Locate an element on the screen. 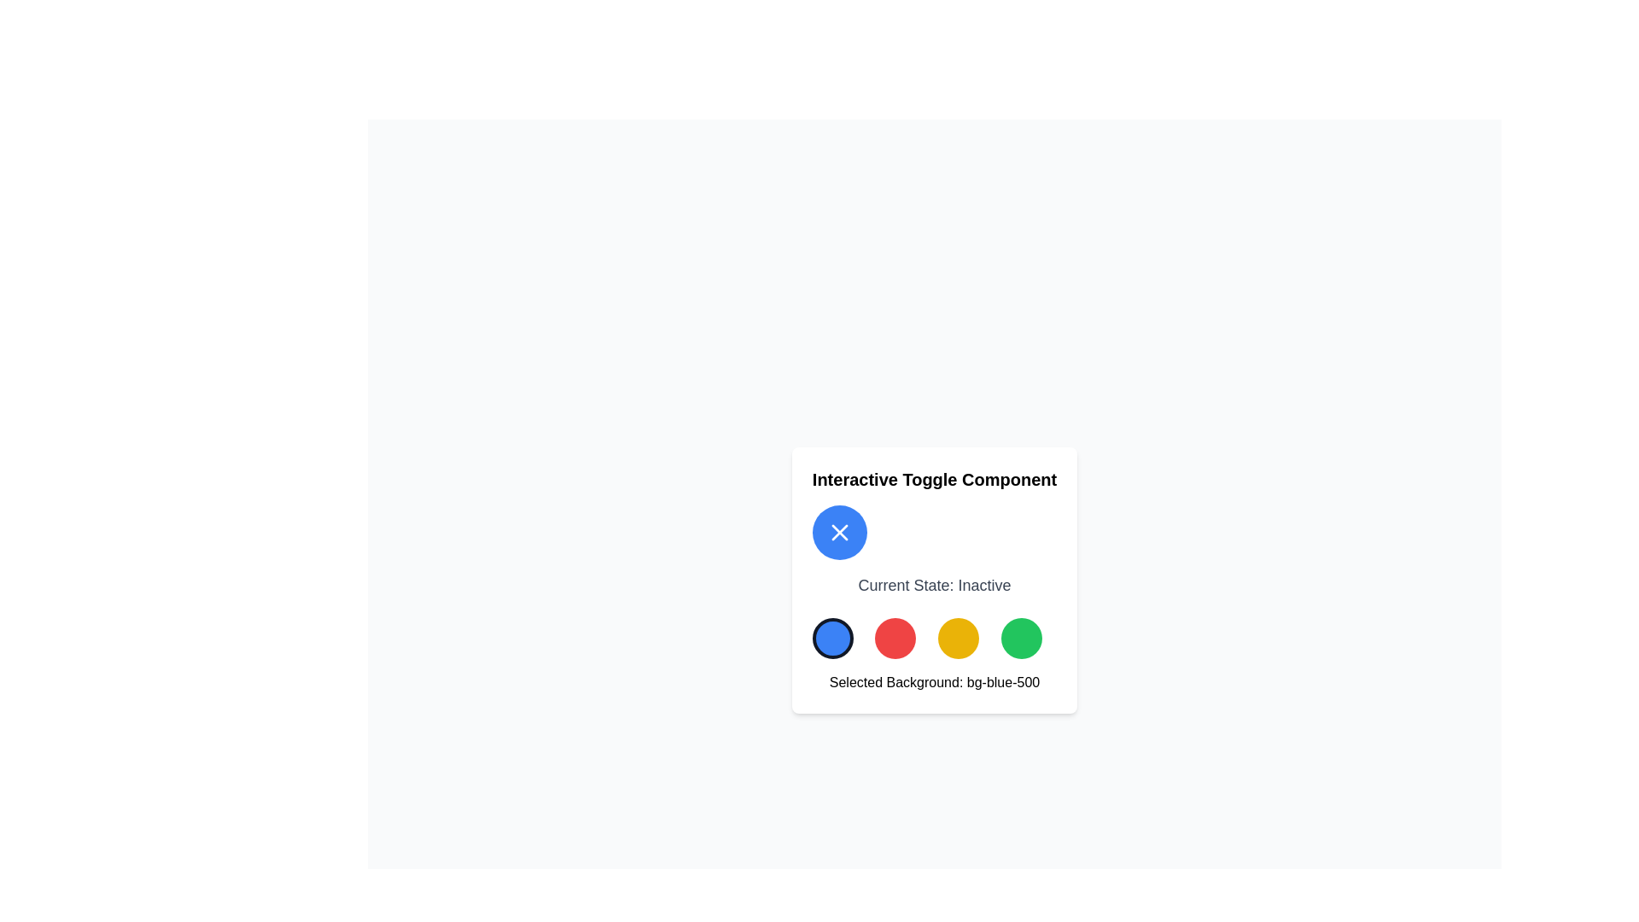 The image size is (1639, 922). the Text label that indicates the currently selected background color 'bg-blue-500', located at the bottom of the 'Interactive Toggle Component' card beneath the circular color options is located at coordinates (933, 681).